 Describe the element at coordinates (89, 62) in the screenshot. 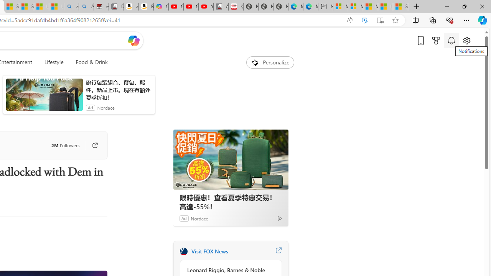

I see `'Food & Drink'` at that location.